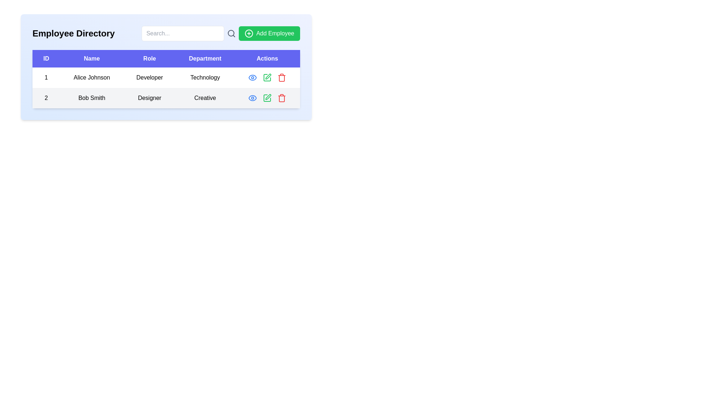 The width and height of the screenshot is (701, 394). Describe the element at coordinates (204, 77) in the screenshot. I see `the 'Department' label for 'Alice Johnson, Developer'` at that location.